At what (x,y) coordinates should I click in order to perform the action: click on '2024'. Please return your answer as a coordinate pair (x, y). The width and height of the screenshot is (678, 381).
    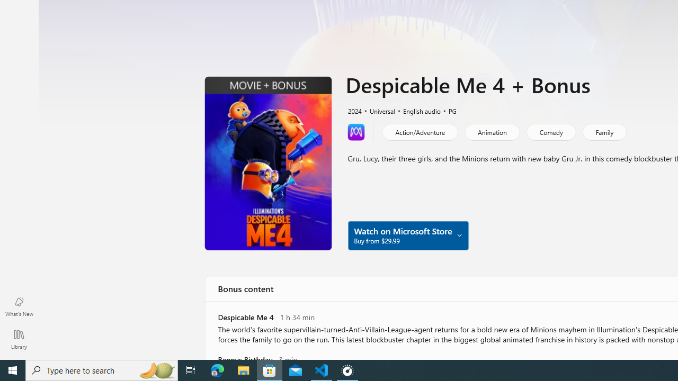
    Looking at the image, I should click on (354, 110).